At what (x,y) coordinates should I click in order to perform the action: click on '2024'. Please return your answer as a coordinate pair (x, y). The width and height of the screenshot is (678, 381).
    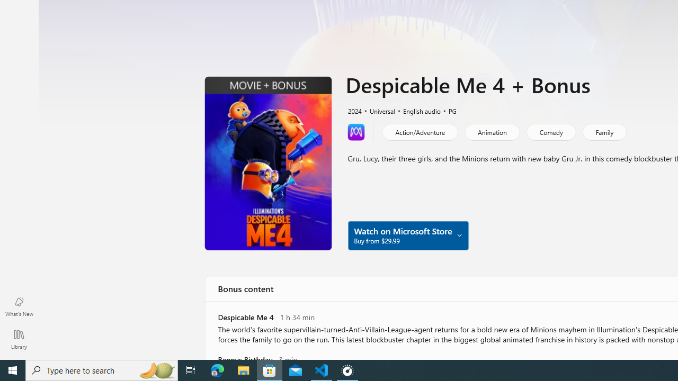
    Looking at the image, I should click on (354, 110).